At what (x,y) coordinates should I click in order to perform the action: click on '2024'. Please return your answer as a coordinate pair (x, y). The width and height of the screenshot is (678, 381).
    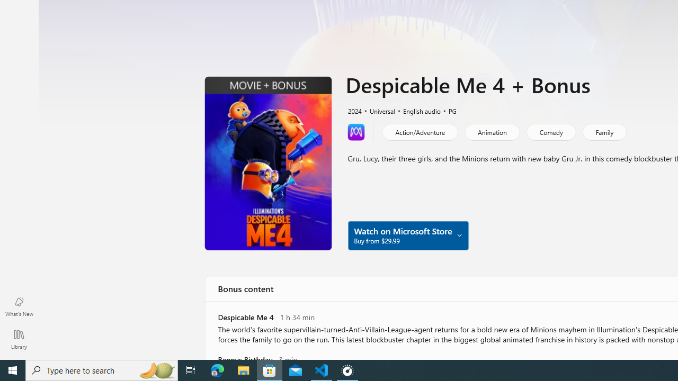
    Looking at the image, I should click on (354, 110).